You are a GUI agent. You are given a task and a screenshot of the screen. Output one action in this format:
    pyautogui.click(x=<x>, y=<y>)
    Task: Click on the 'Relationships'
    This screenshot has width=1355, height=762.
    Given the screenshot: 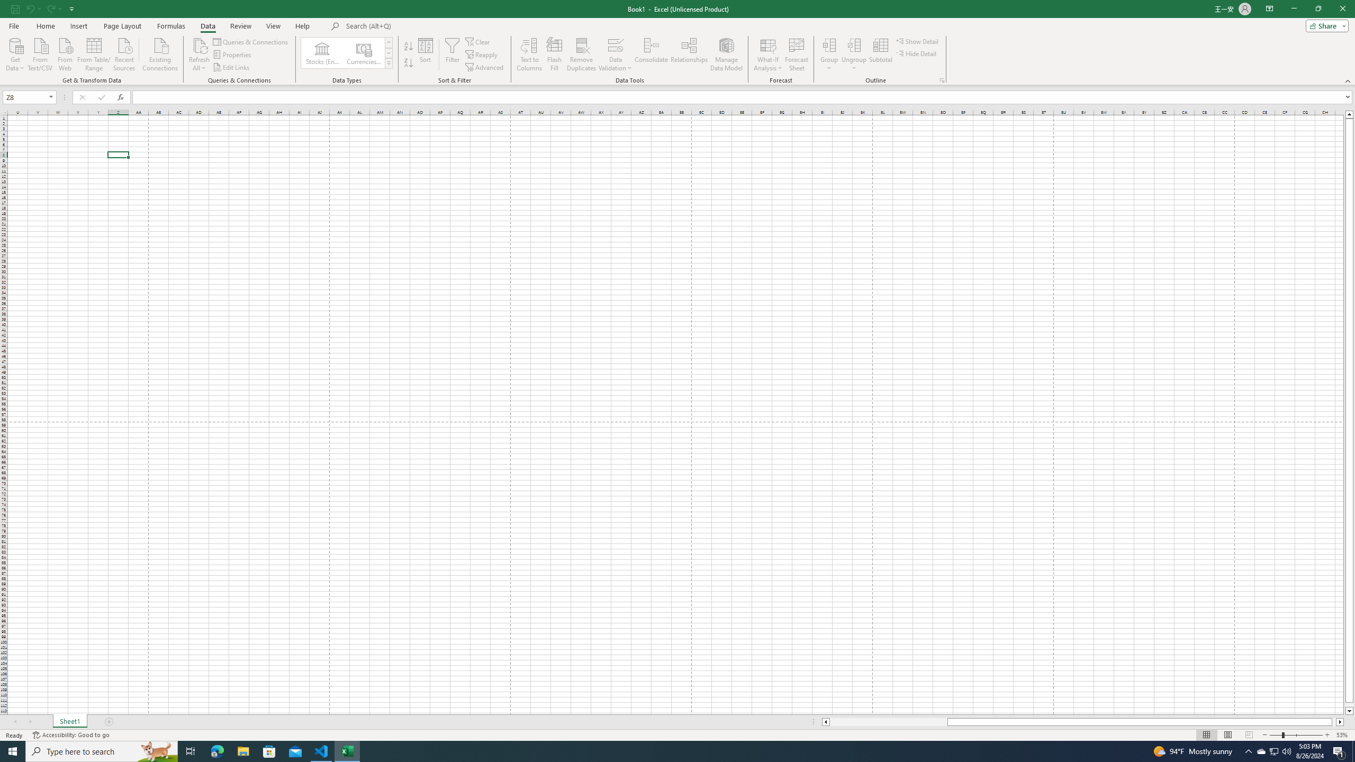 What is the action you would take?
    pyautogui.click(x=688, y=55)
    